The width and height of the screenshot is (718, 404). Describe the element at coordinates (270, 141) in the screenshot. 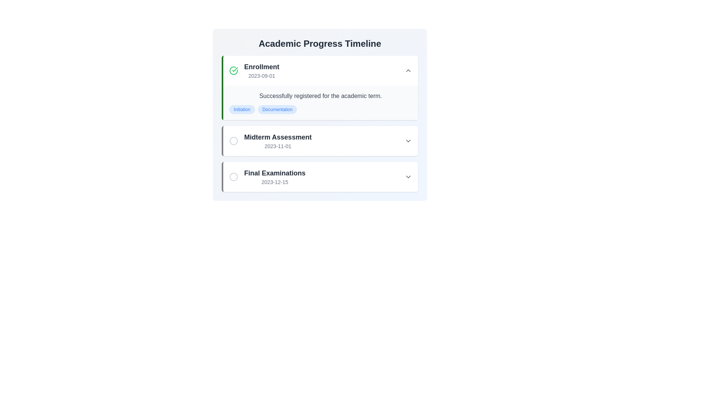

I see `the clickable list item representing the 'Midterm Assessment' step in the academic progress timeline` at that location.